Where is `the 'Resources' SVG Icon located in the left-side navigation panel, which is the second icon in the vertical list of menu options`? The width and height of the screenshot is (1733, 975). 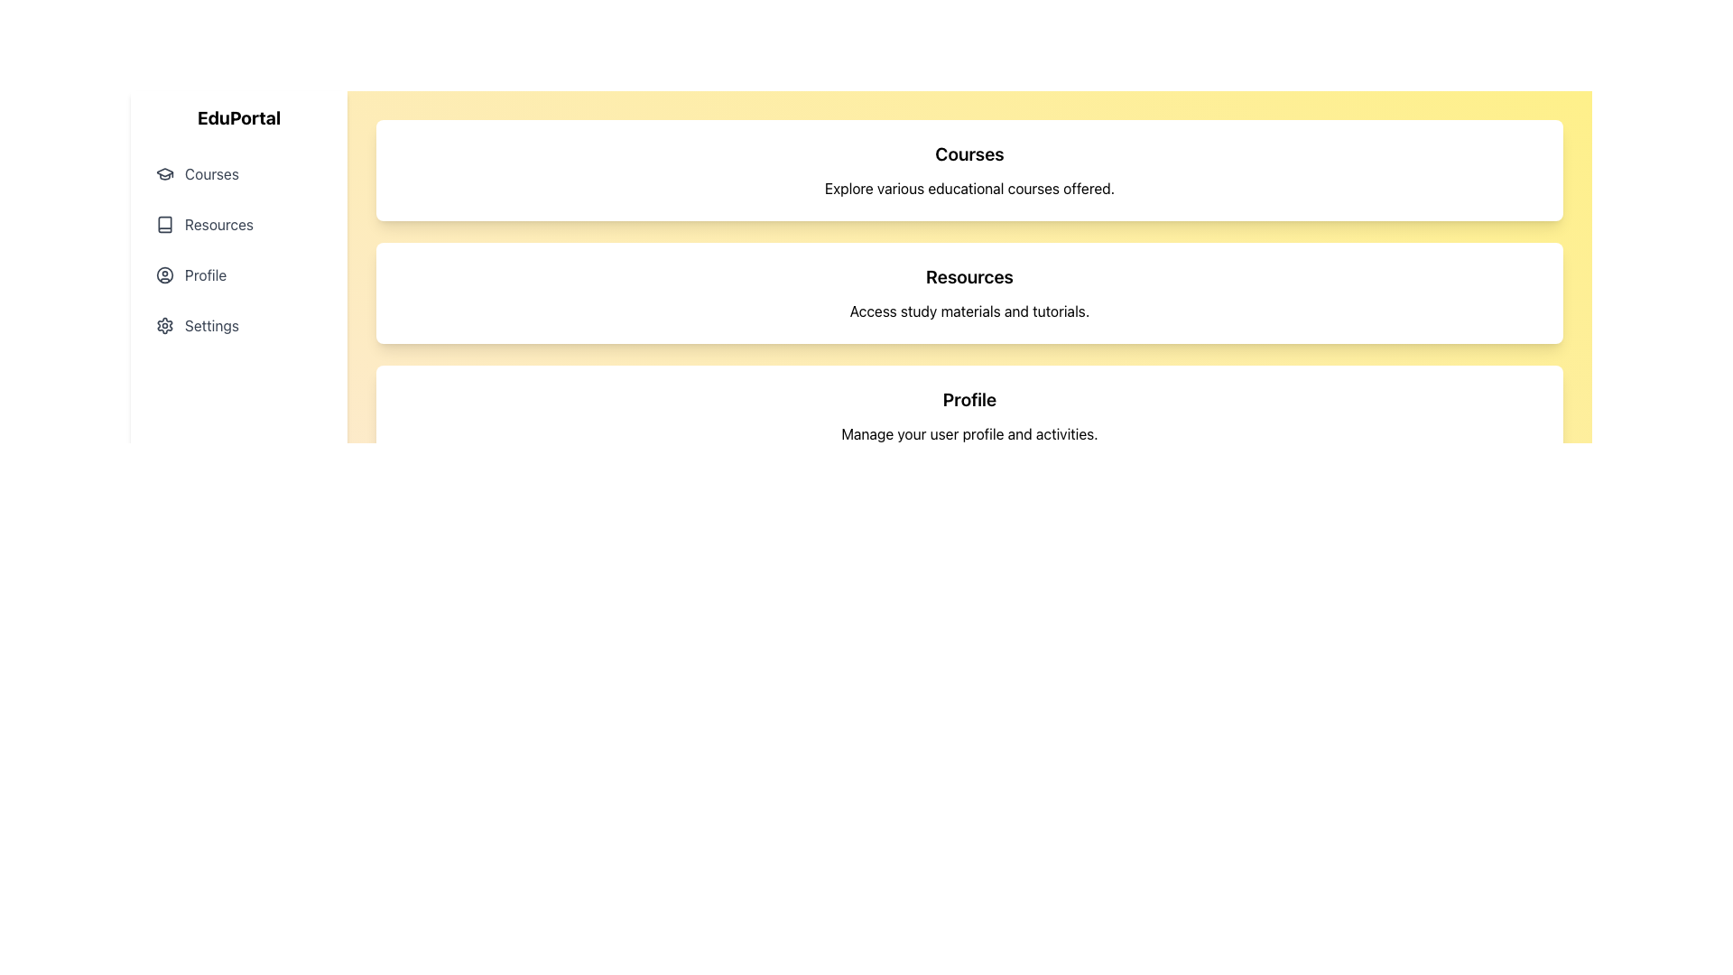 the 'Resources' SVG Icon located in the left-side navigation panel, which is the second icon in the vertical list of menu options is located at coordinates (164, 224).